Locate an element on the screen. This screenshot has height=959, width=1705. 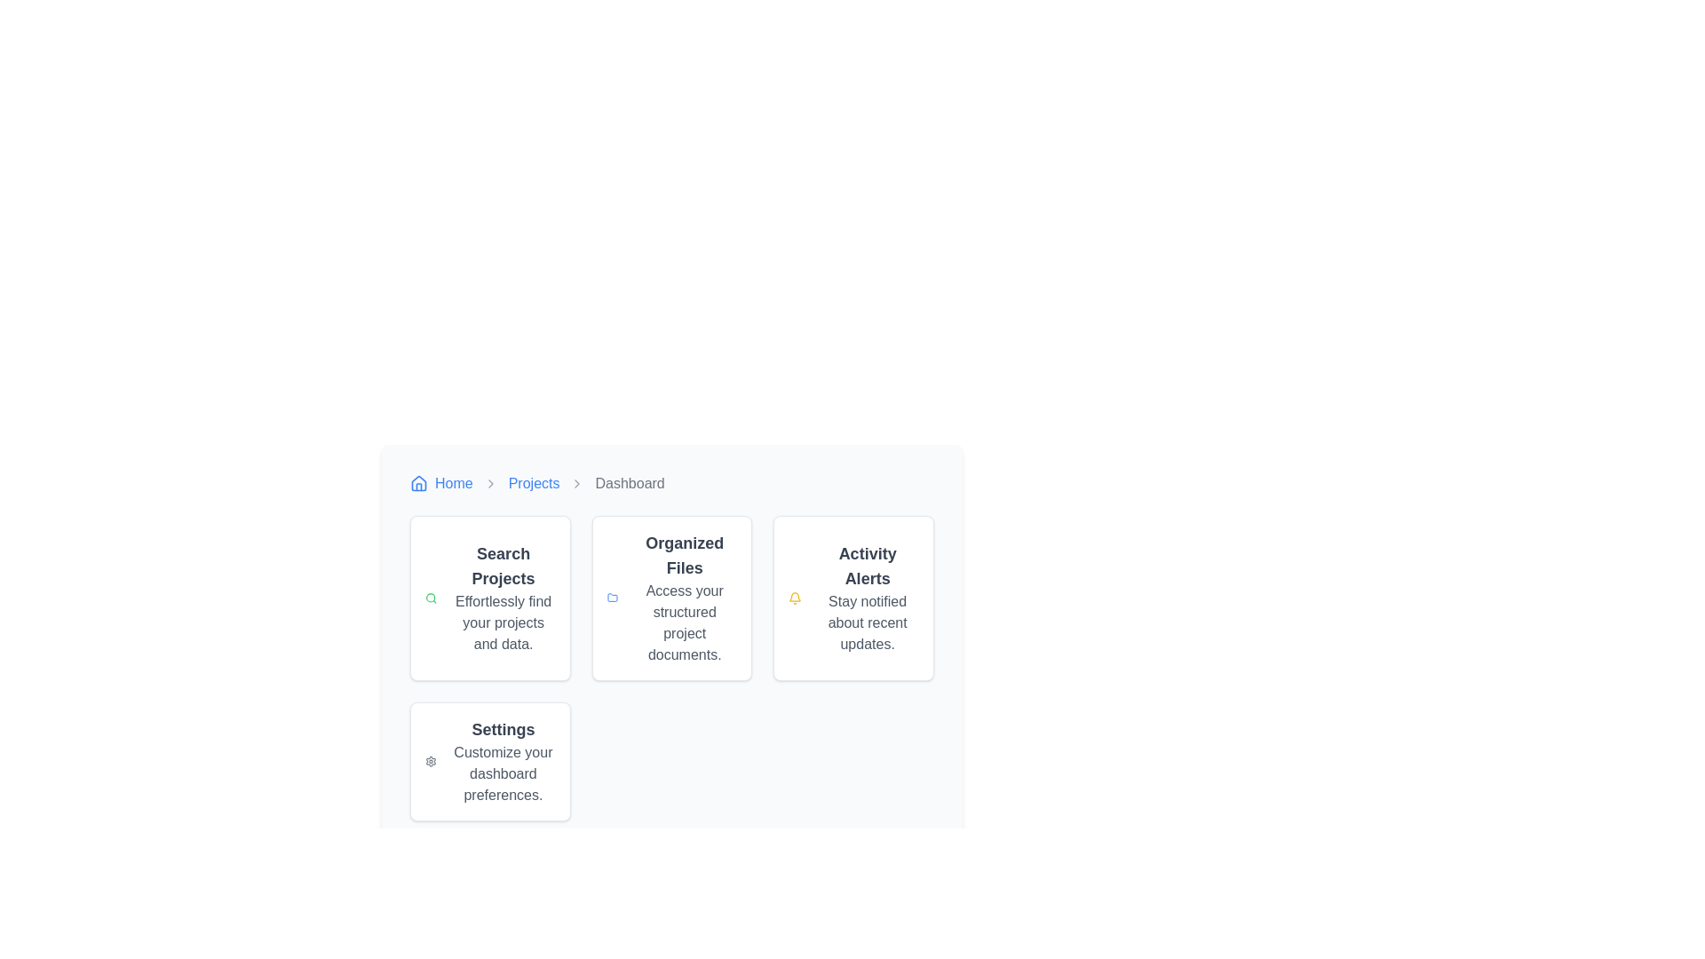
Descriptor text located in the lower row of the grid layout, positioned in the leftmost cell, under the 'Search Projects' card is located at coordinates (502, 760).